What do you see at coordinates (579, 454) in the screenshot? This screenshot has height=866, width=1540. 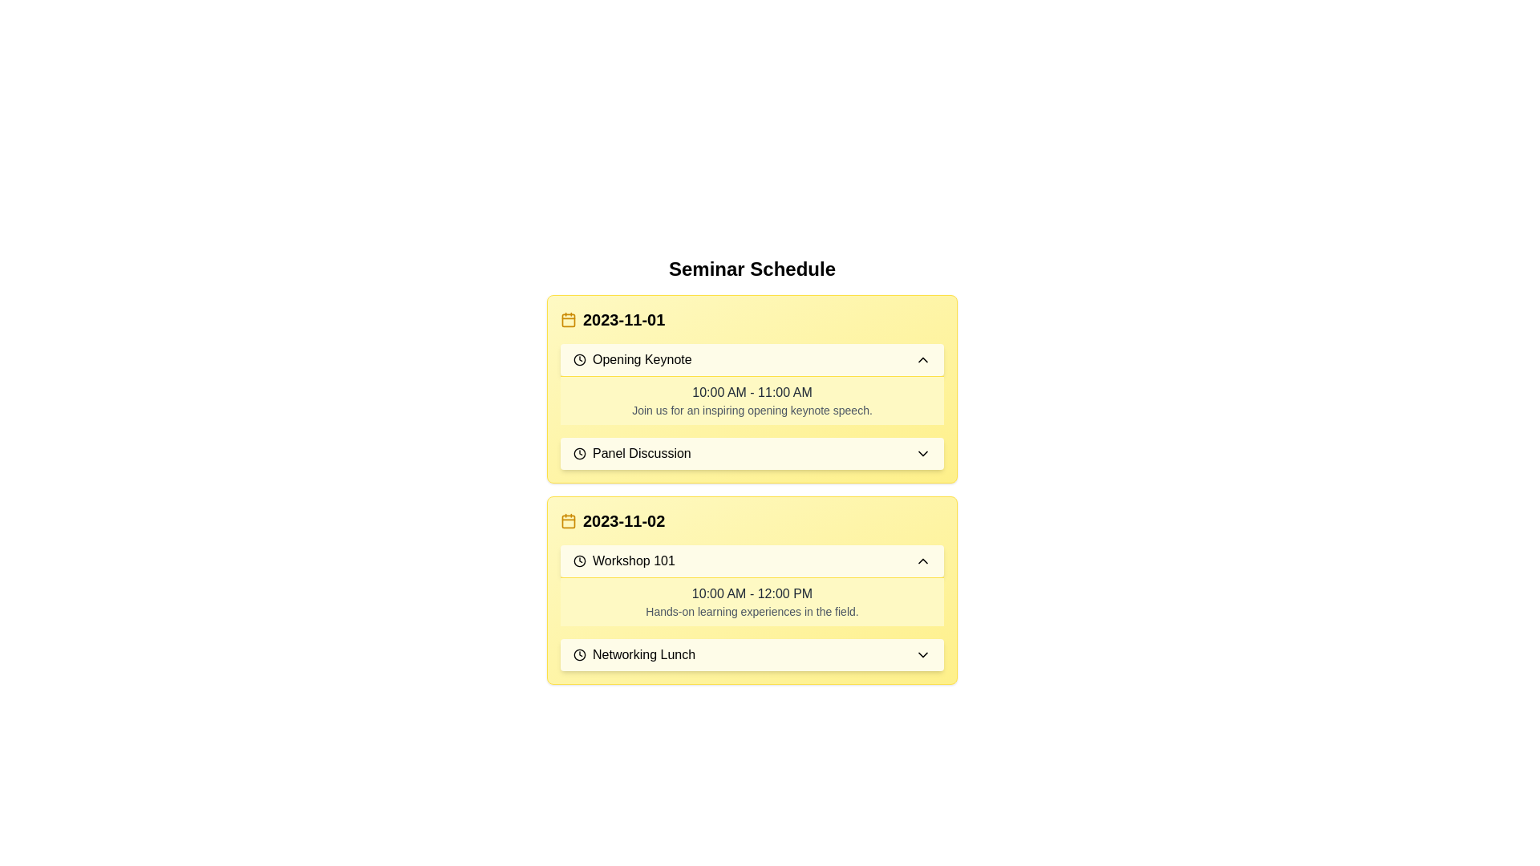 I see `the icon that visually indicates the scheduled time slot for the 'Panel Discussion' event, located to the left of the text 'Panel Discussion'` at bounding box center [579, 454].